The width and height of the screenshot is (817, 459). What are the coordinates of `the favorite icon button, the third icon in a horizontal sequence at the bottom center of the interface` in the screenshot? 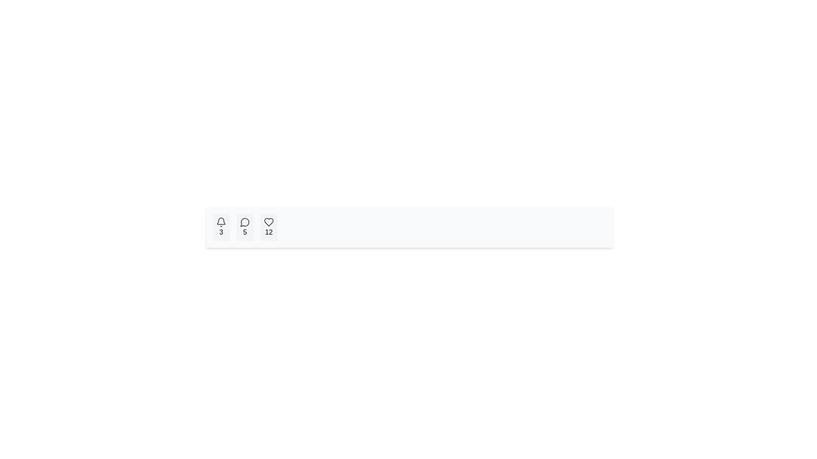 It's located at (269, 222).